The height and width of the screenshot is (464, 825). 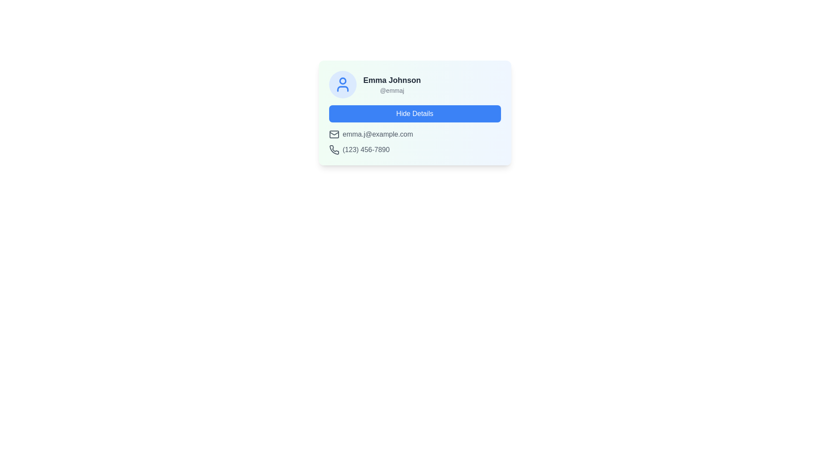 What do you see at coordinates (342, 81) in the screenshot?
I see `the circular graphical component representing the user profile head located at the top of the main user profile icon` at bounding box center [342, 81].